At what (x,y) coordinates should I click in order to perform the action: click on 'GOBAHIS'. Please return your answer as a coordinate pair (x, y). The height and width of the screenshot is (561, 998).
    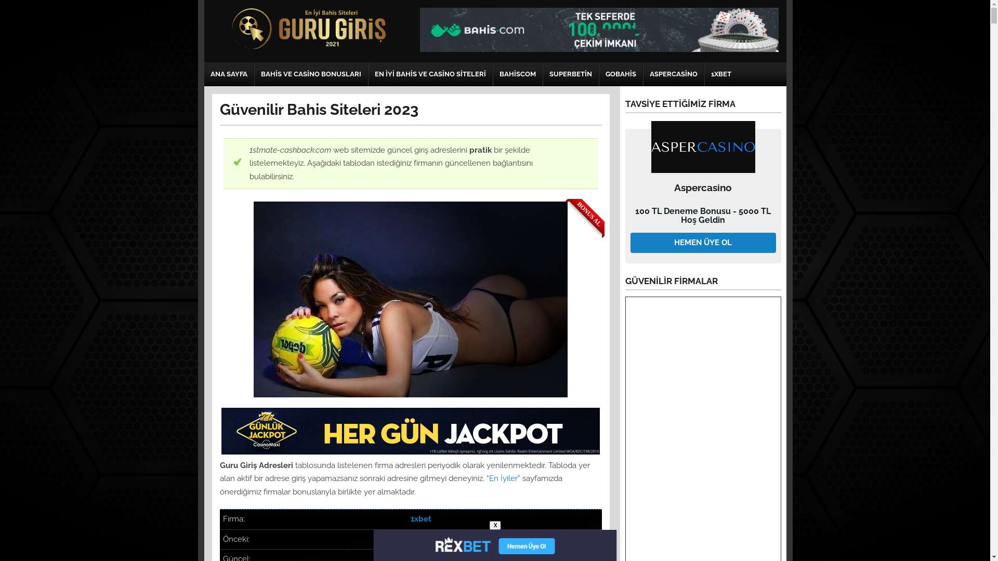
    Looking at the image, I should click on (620, 73).